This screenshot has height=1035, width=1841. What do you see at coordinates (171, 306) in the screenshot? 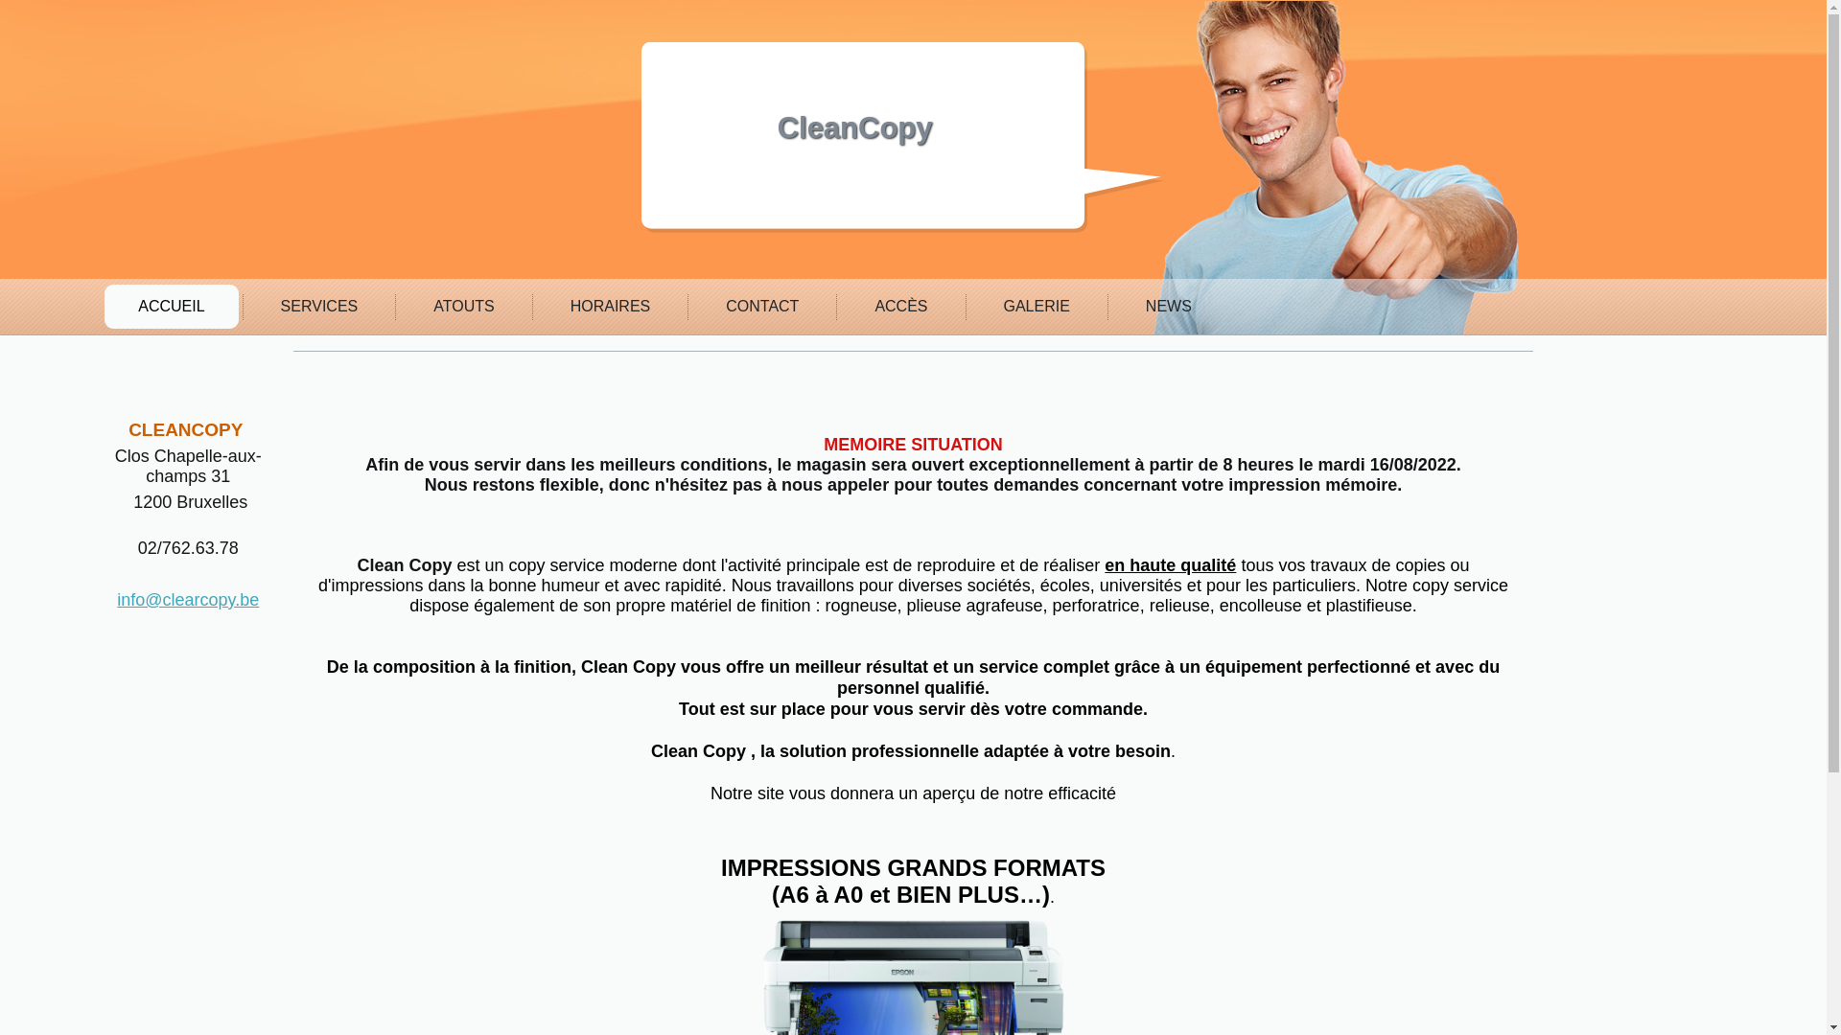
I see `'ACCUEIL'` at bounding box center [171, 306].